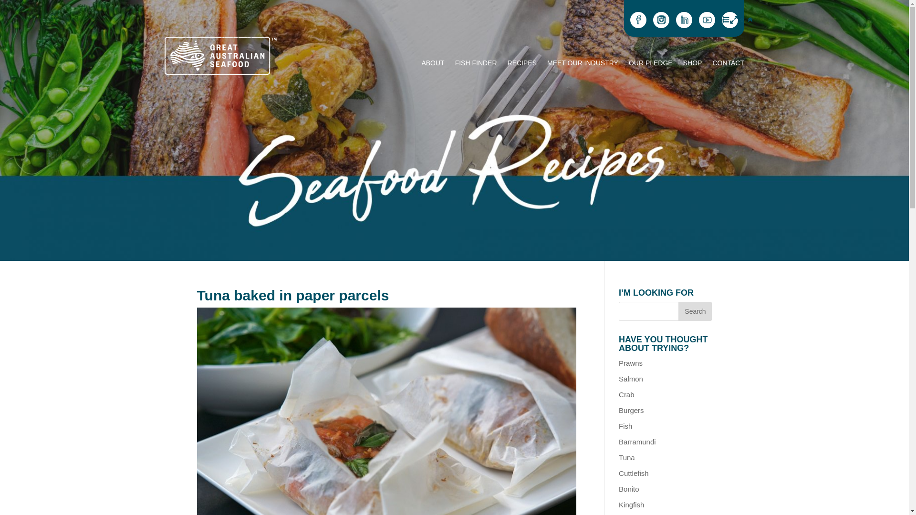 This screenshot has width=916, height=515. What do you see at coordinates (631, 410) in the screenshot?
I see `'Burgers'` at bounding box center [631, 410].